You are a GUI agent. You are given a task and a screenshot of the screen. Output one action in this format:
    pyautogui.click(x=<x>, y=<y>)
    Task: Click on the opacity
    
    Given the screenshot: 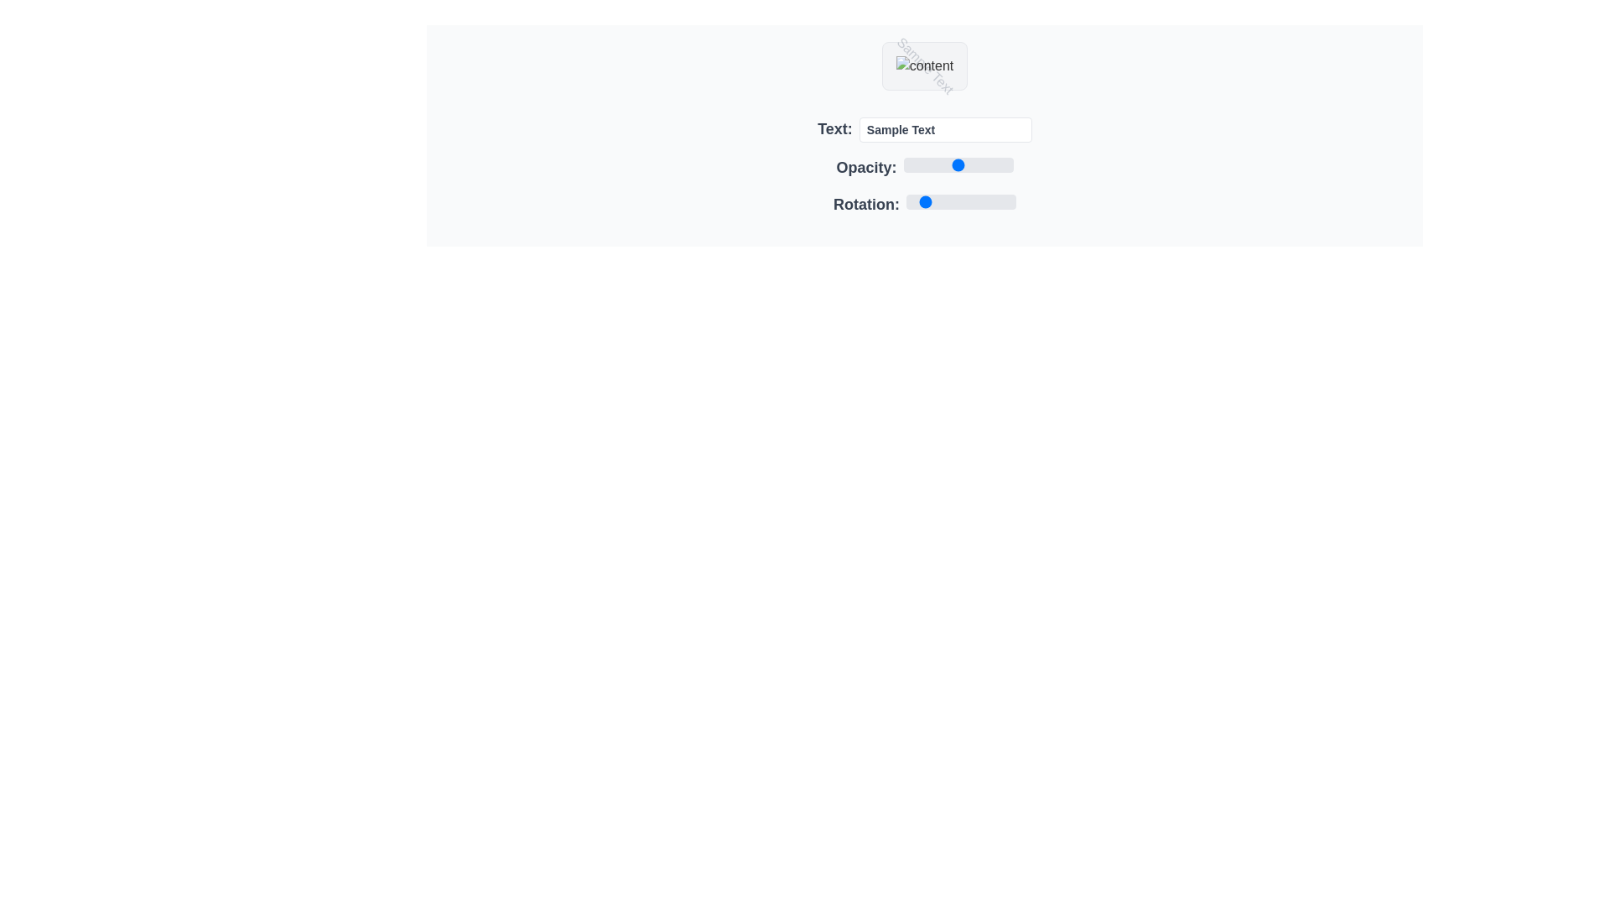 What is the action you would take?
    pyautogui.click(x=902, y=164)
    